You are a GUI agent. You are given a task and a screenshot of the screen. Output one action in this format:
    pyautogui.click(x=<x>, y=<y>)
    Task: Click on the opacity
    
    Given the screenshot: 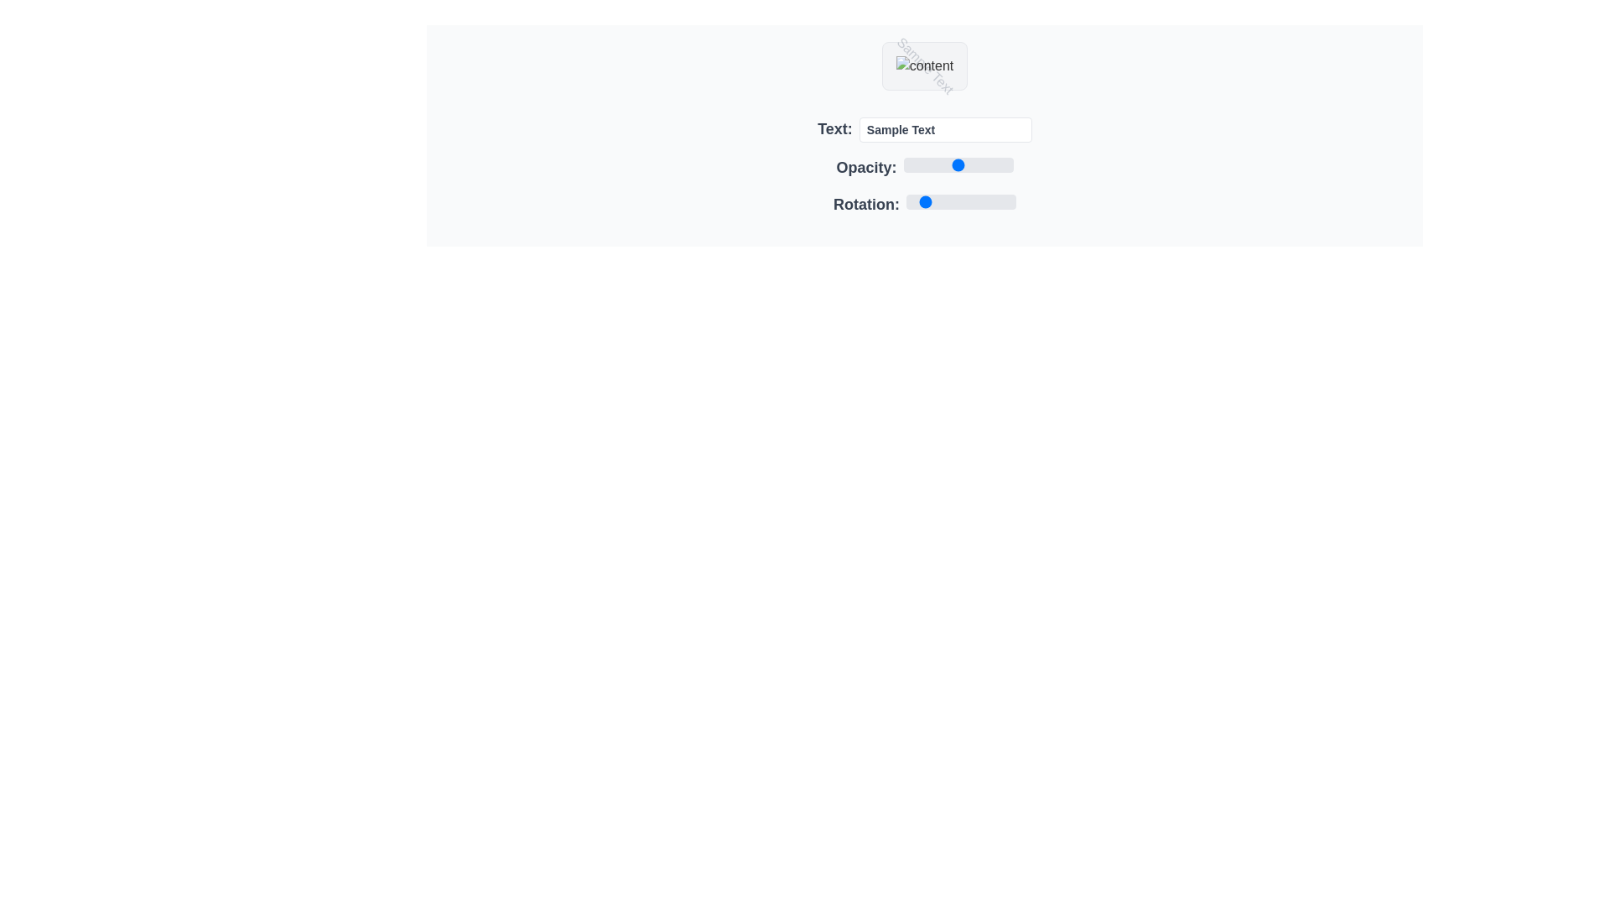 What is the action you would take?
    pyautogui.click(x=902, y=164)
    